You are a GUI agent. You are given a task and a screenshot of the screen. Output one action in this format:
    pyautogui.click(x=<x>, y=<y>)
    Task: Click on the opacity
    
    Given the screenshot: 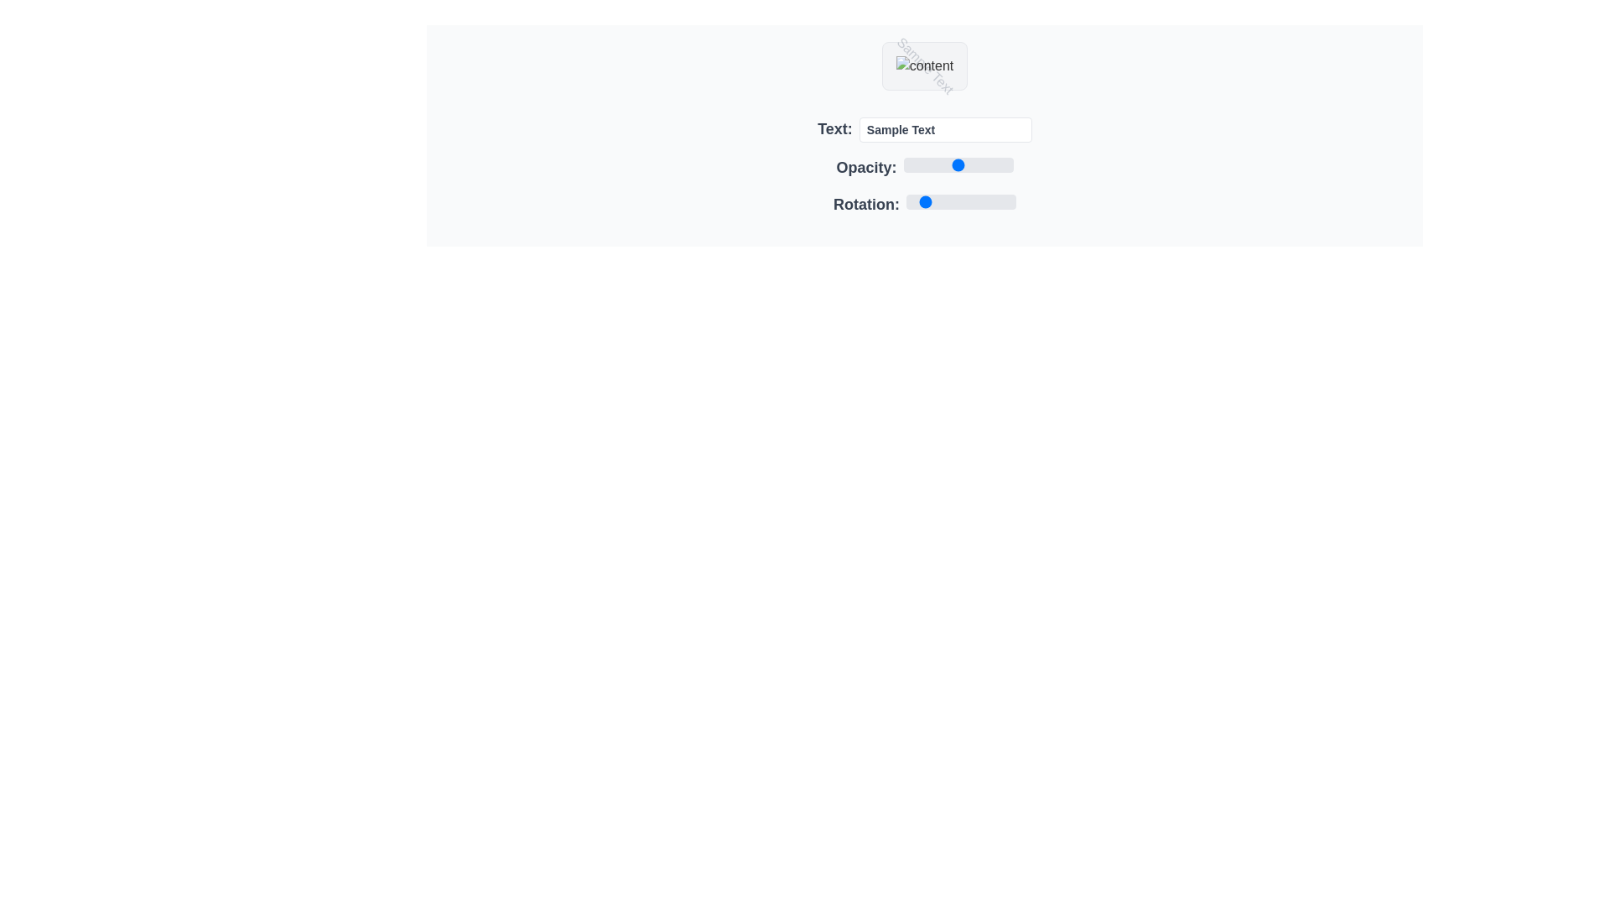 What is the action you would take?
    pyautogui.click(x=902, y=164)
    